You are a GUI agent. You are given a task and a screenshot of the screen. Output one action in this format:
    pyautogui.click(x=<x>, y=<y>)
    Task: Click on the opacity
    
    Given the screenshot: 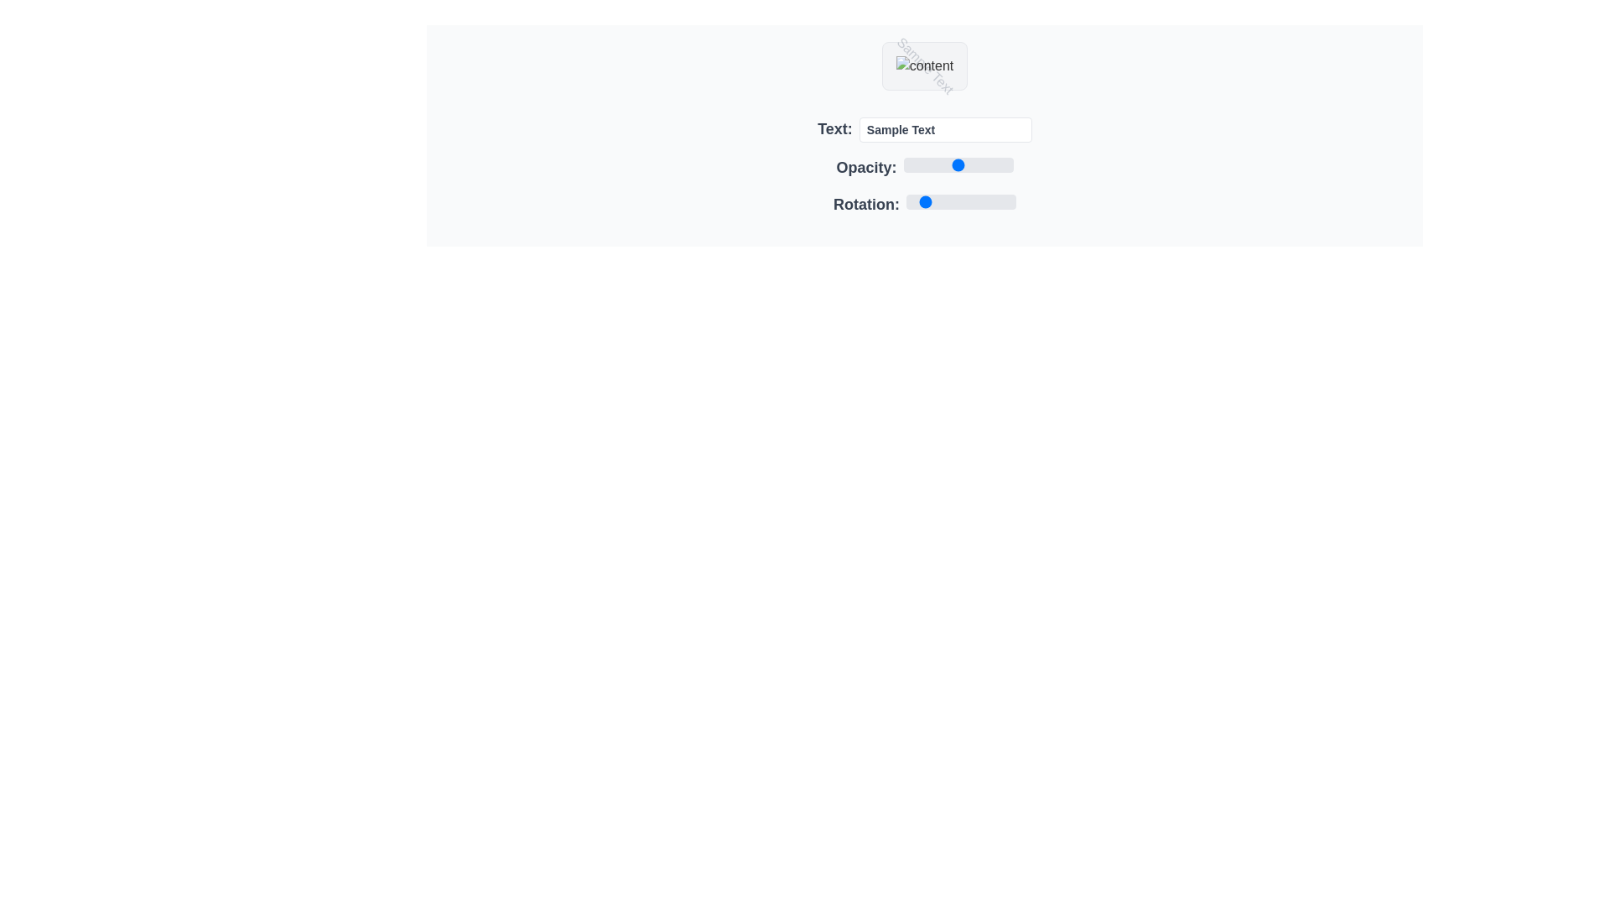 What is the action you would take?
    pyautogui.click(x=902, y=164)
    